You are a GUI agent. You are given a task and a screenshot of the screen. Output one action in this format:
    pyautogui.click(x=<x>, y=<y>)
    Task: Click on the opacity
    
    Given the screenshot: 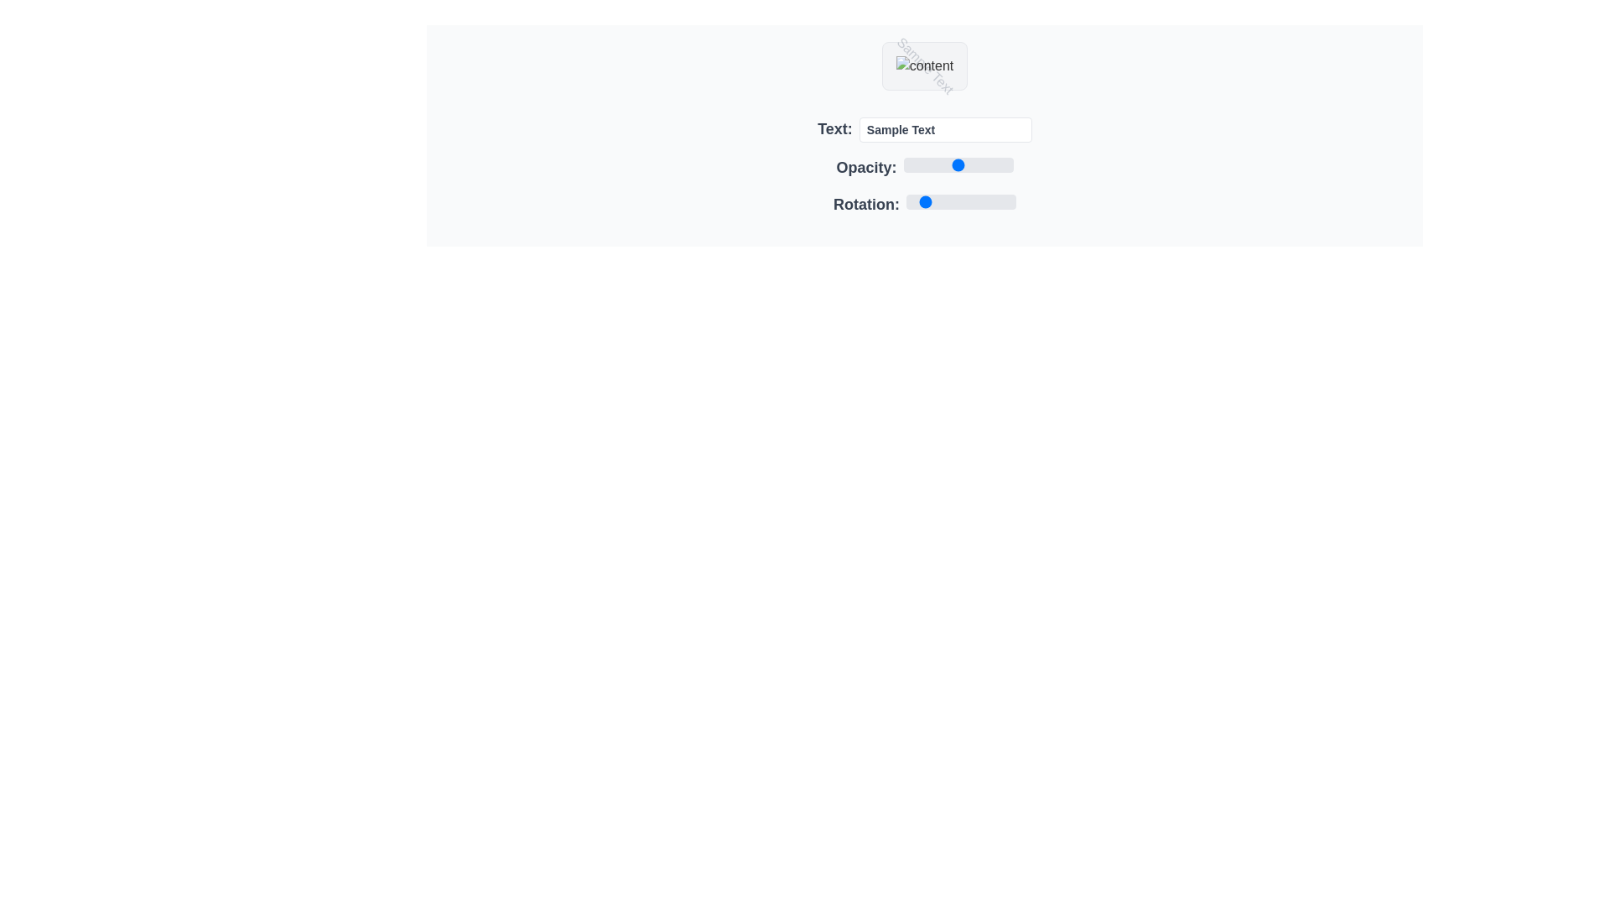 What is the action you would take?
    pyautogui.click(x=902, y=164)
    